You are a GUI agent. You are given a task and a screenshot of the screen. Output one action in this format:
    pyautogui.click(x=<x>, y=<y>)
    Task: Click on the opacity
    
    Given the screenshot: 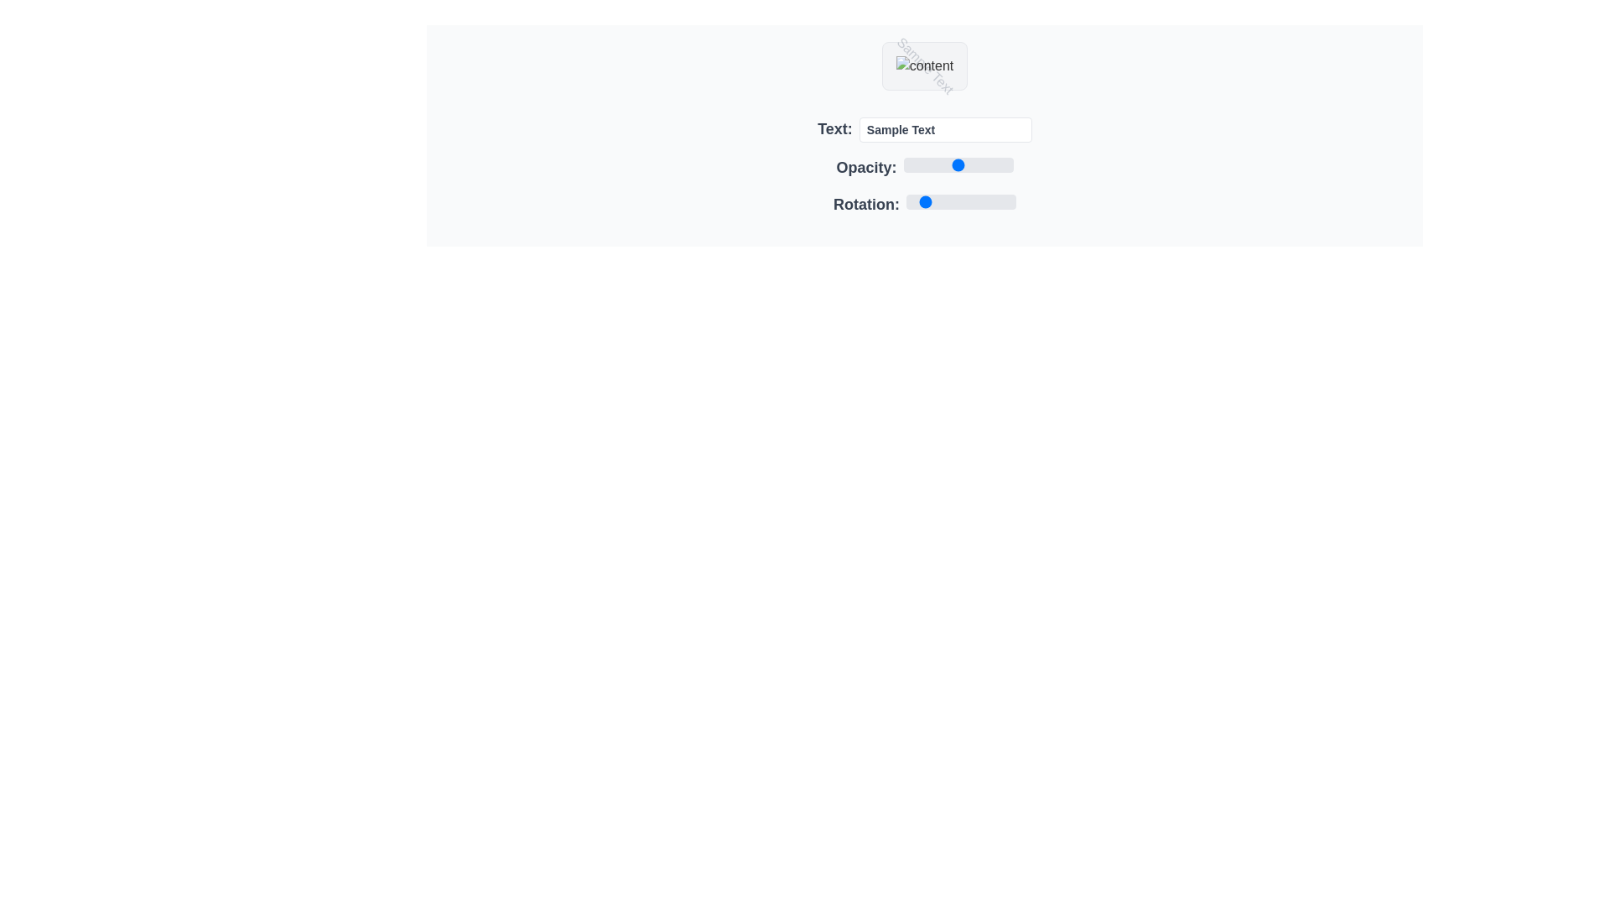 What is the action you would take?
    pyautogui.click(x=902, y=164)
    